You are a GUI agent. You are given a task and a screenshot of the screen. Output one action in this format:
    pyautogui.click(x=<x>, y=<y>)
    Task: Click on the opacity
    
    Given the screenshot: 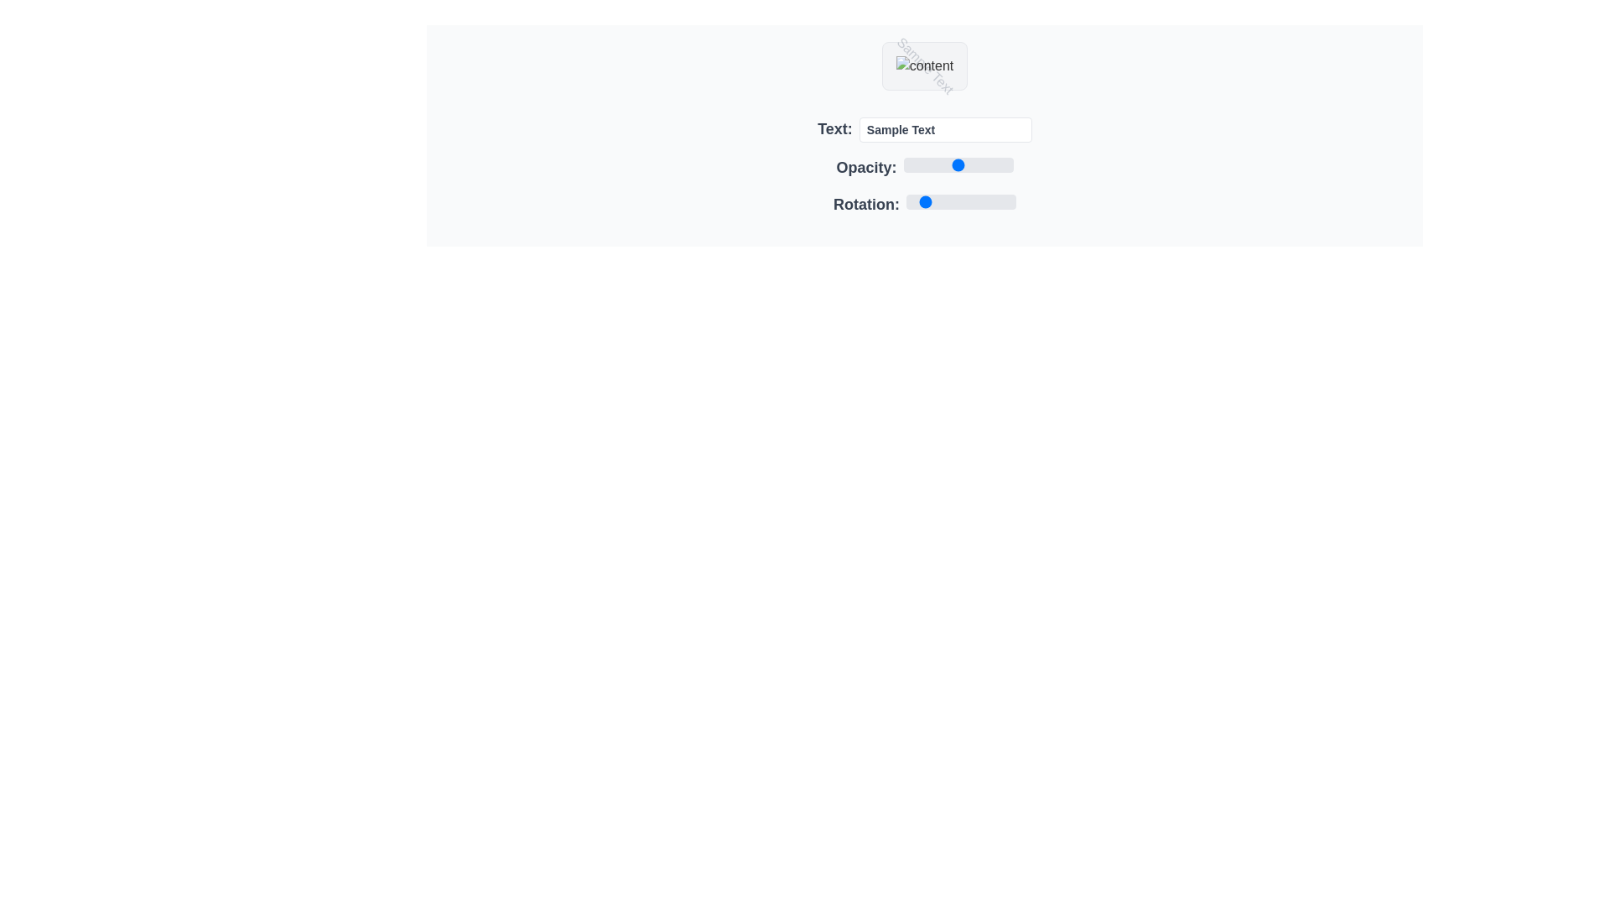 What is the action you would take?
    pyautogui.click(x=902, y=164)
    